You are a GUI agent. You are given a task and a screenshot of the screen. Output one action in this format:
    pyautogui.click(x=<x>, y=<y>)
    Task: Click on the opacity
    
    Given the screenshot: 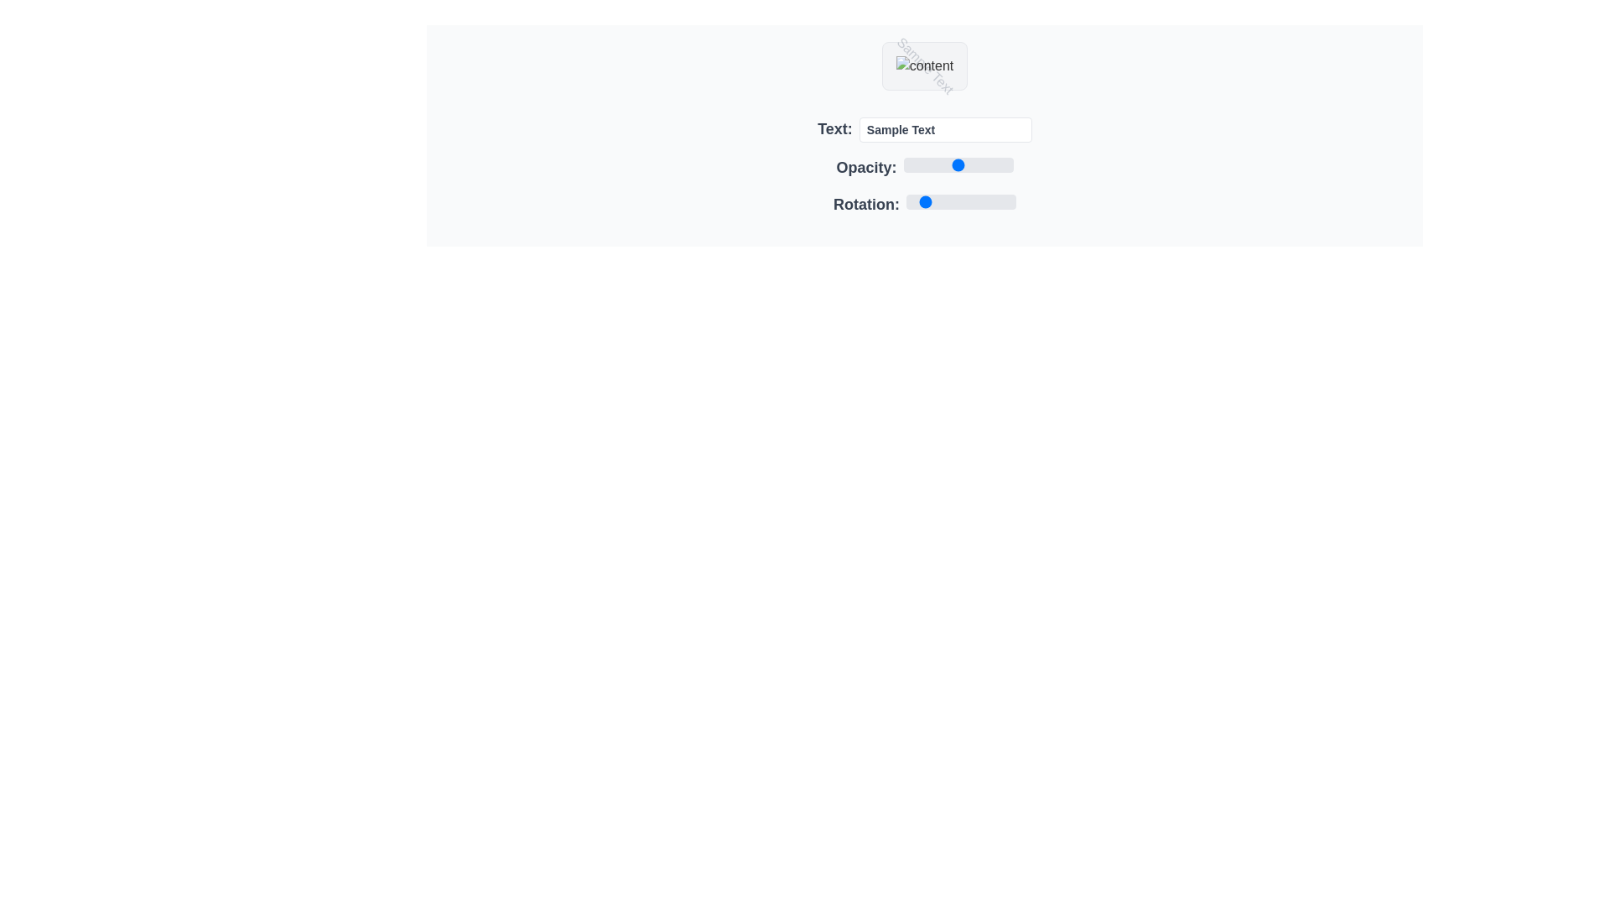 What is the action you would take?
    pyautogui.click(x=902, y=164)
    